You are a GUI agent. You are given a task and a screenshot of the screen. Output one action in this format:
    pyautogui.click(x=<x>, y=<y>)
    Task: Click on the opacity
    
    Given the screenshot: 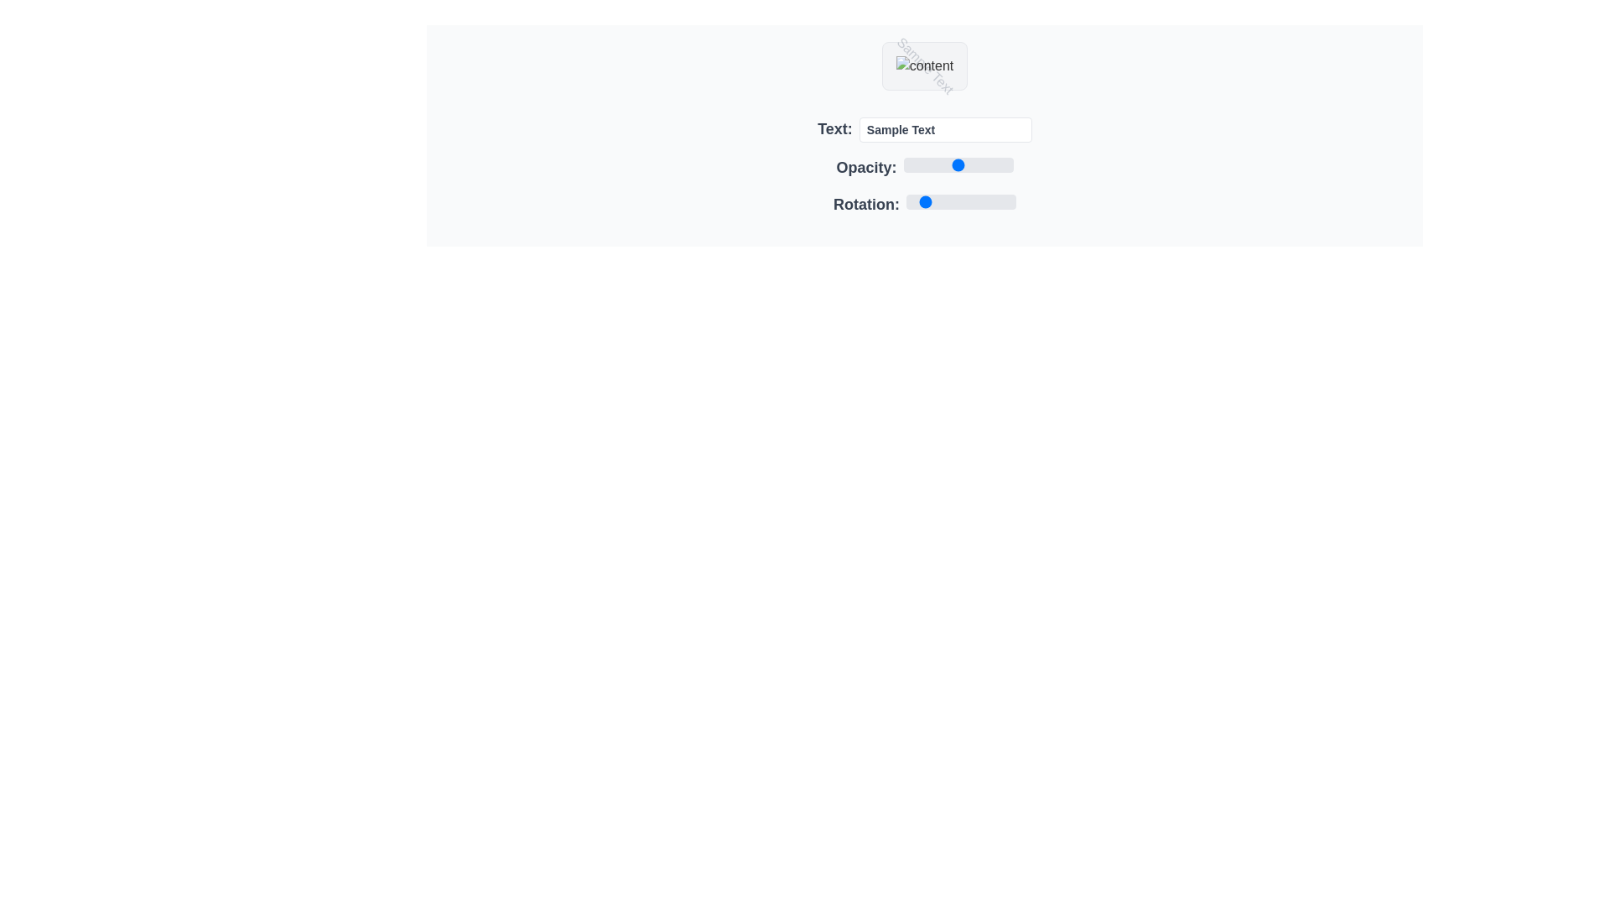 What is the action you would take?
    pyautogui.click(x=902, y=164)
    